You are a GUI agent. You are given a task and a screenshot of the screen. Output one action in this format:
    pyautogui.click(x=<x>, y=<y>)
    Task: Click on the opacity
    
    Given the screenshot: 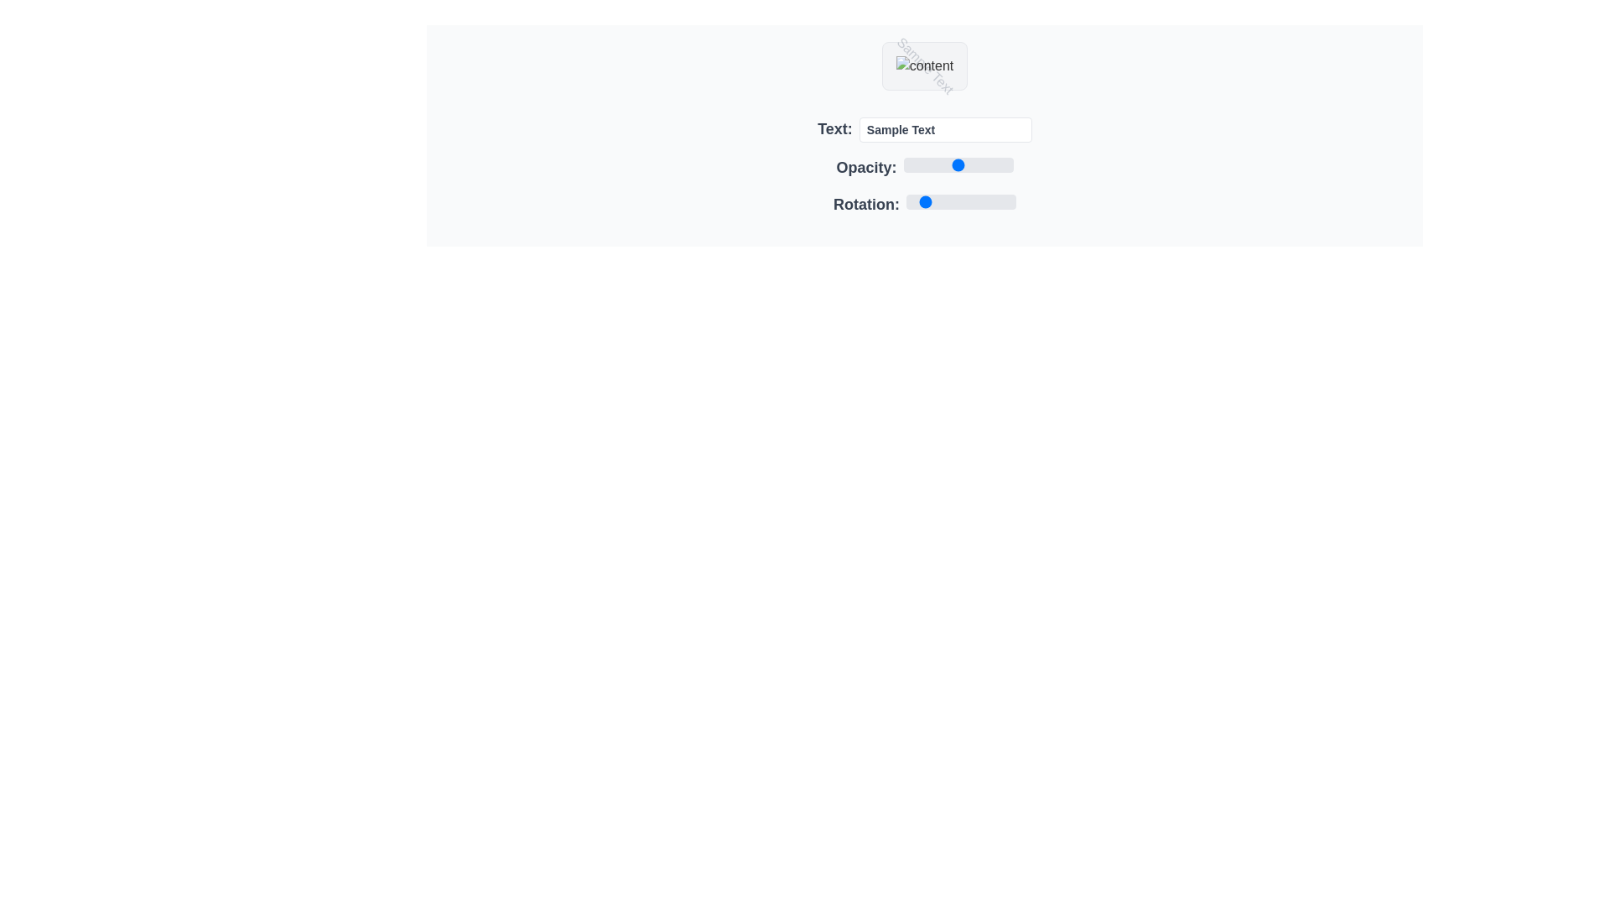 What is the action you would take?
    pyautogui.click(x=902, y=164)
    